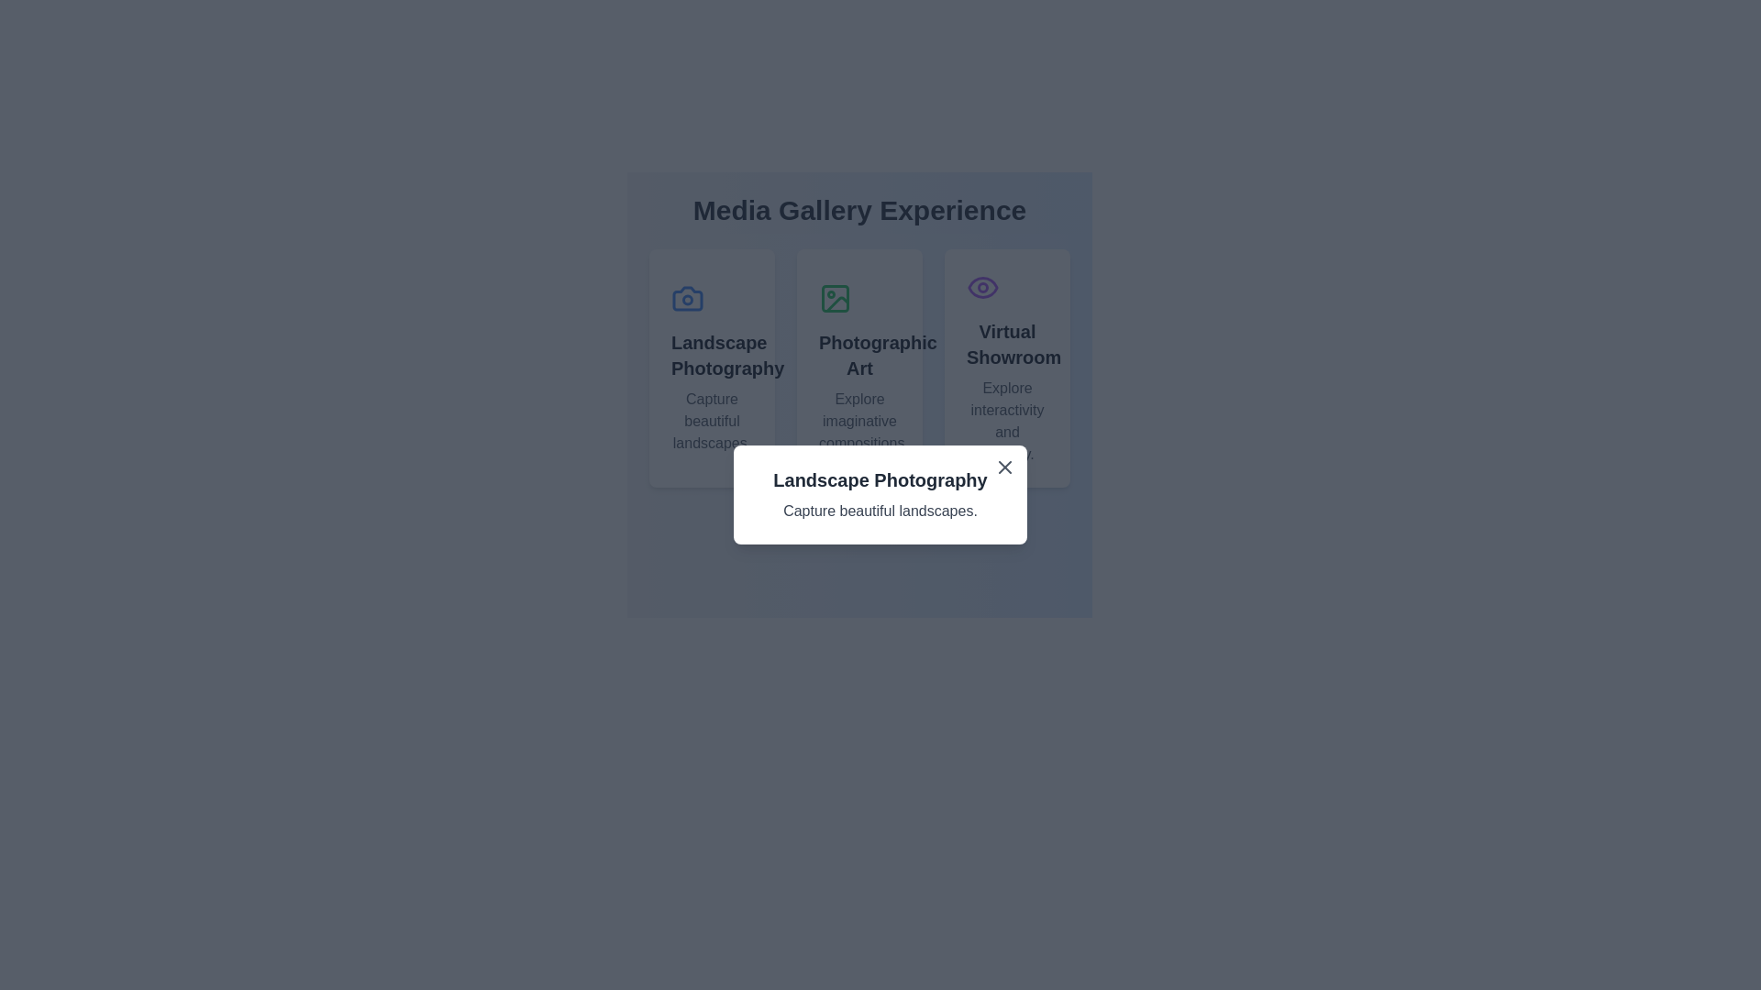  What do you see at coordinates (880, 495) in the screenshot?
I see `informative text content displayed on the 'Landscape Photography' Card component, which is the main focus element in the modal overlay` at bounding box center [880, 495].